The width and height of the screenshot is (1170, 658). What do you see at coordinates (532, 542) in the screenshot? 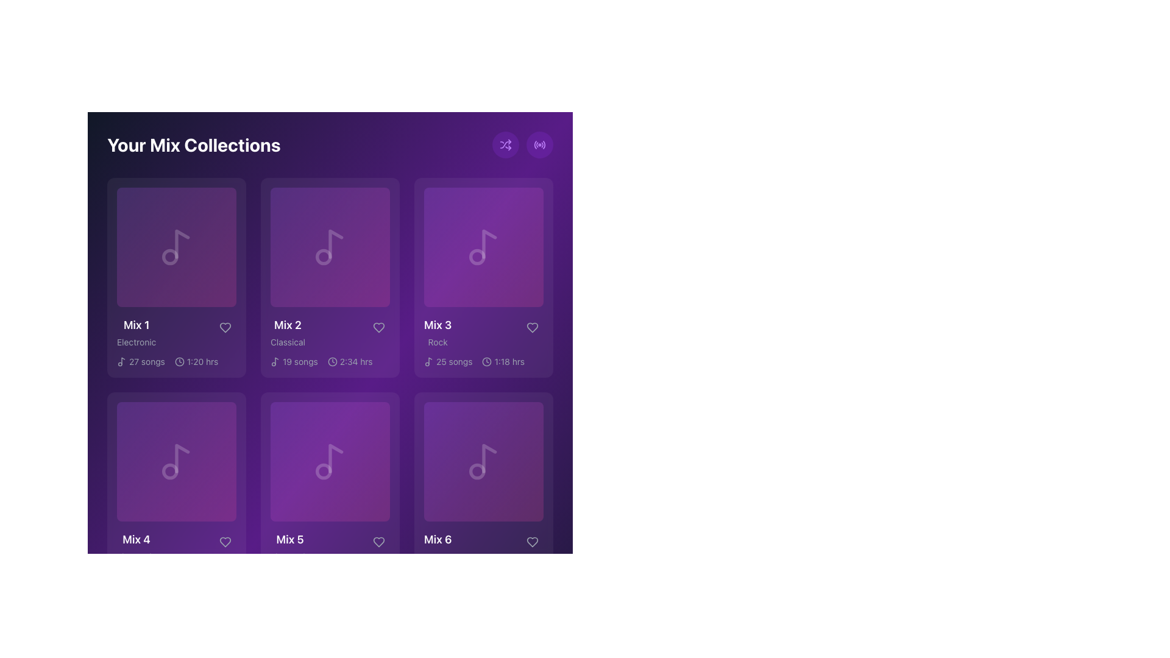
I see `the heart icon button in the bottom-right corner of the Mix 6 element card` at bounding box center [532, 542].